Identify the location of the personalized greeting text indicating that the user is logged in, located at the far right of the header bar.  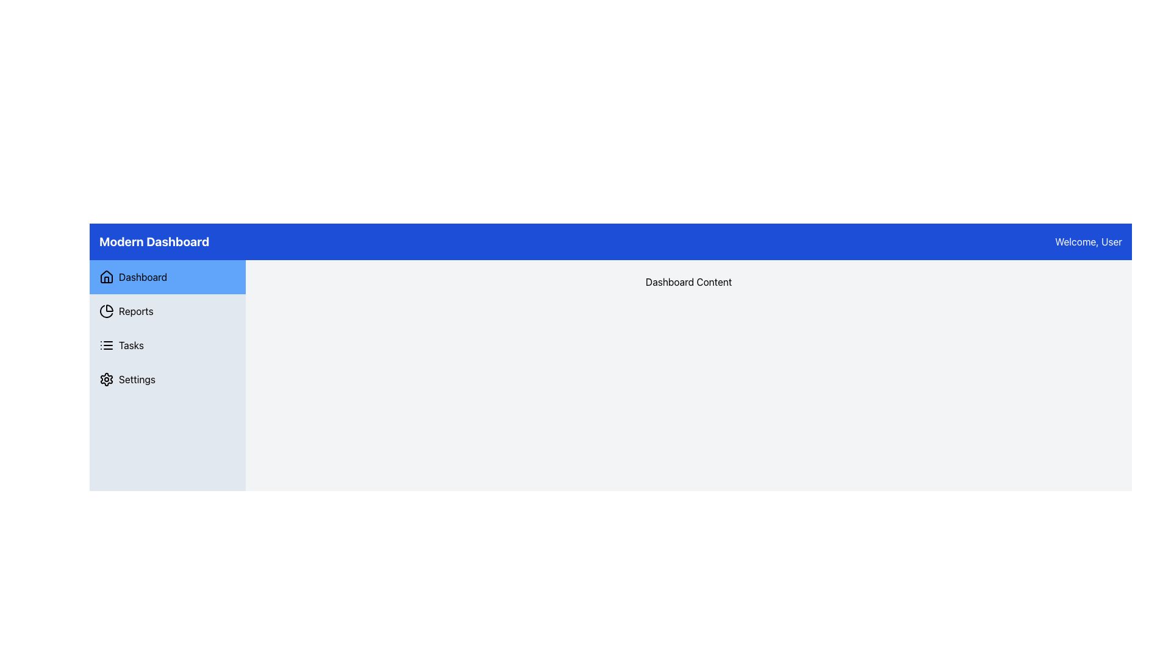
(1089, 242).